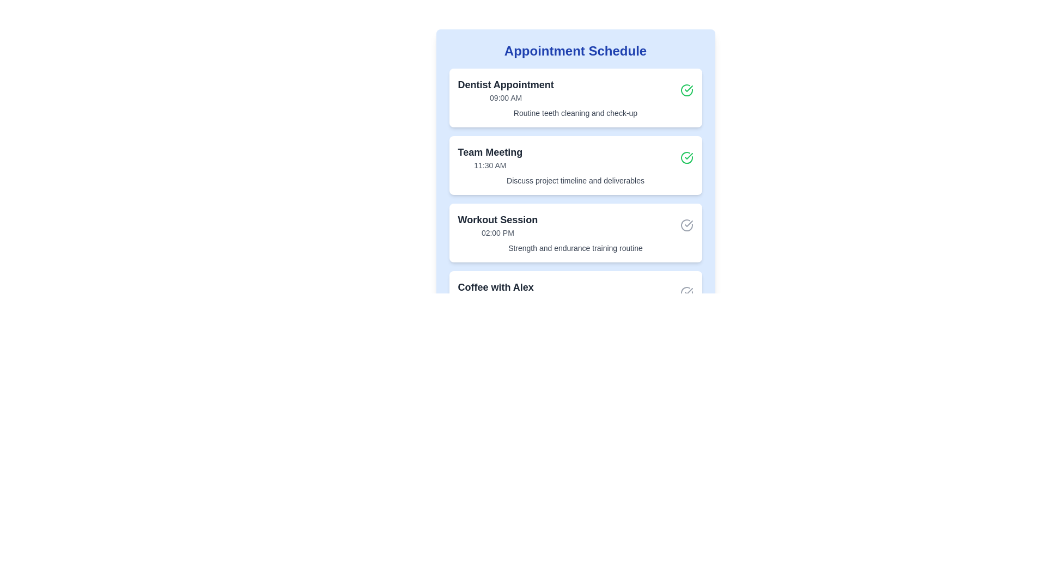 This screenshot has height=588, width=1046. What do you see at coordinates (505, 98) in the screenshot?
I see `the static text label displaying '09:00 AM', which is located directly below the 'Dentist Appointment' label` at bounding box center [505, 98].